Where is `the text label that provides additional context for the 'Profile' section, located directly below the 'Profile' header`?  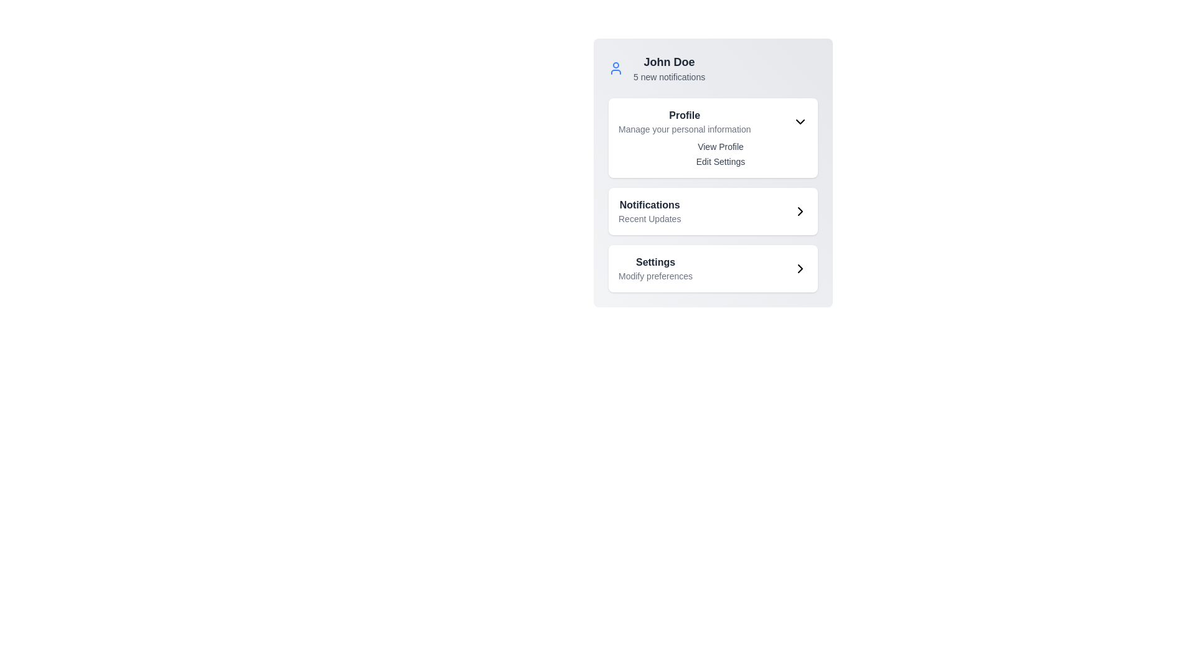
the text label that provides additional context for the 'Profile' section, located directly below the 'Profile' header is located at coordinates (684, 129).